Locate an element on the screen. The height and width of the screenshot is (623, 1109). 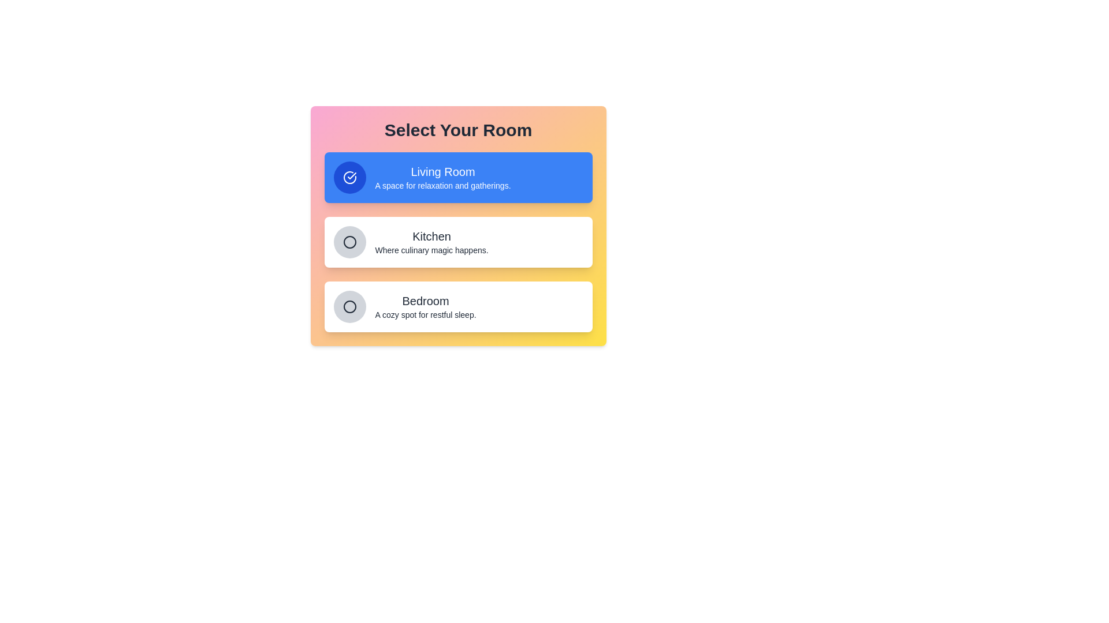
text label for 'Bedroom' which describes a selectable option above the description 'A cozy spot for restful sleep.' is located at coordinates (425, 300).